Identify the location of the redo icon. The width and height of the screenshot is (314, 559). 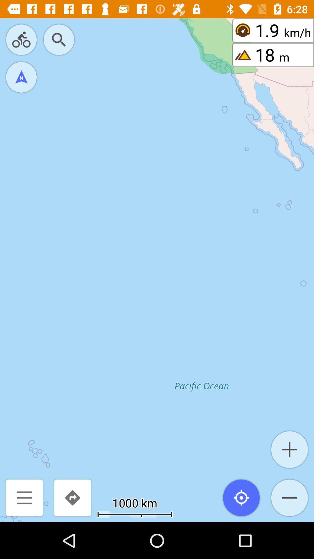
(72, 497).